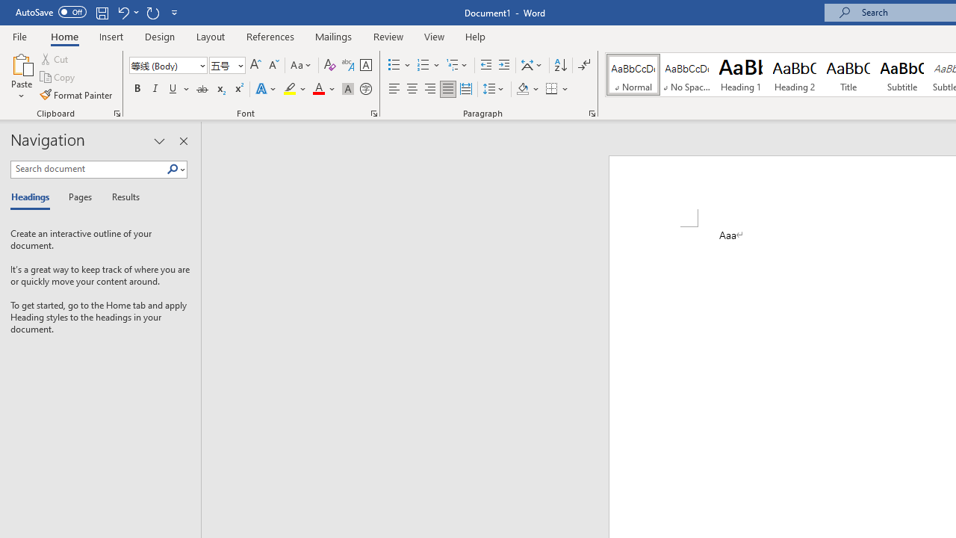 The height and width of the screenshot is (538, 956). What do you see at coordinates (374, 112) in the screenshot?
I see `'Font...'` at bounding box center [374, 112].